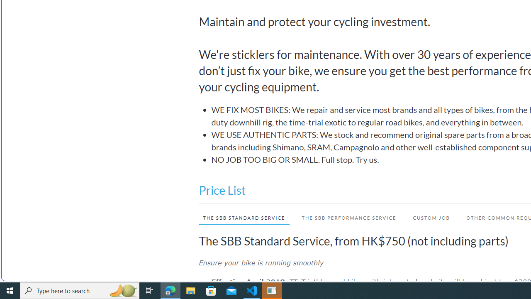 The image size is (531, 299). What do you see at coordinates (239, 217) in the screenshot?
I see `'THE SBB STANDARD SERVICE'` at bounding box center [239, 217].